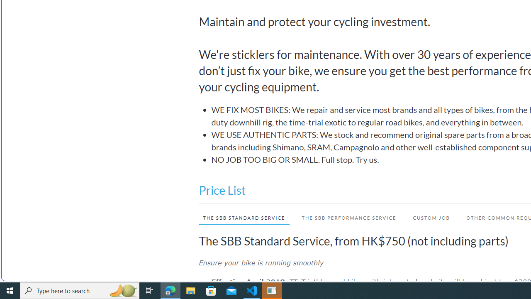 The image size is (531, 299). What do you see at coordinates (239, 217) in the screenshot?
I see `'THE SBB STANDARD SERVICE'` at bounding box center [239, 217].